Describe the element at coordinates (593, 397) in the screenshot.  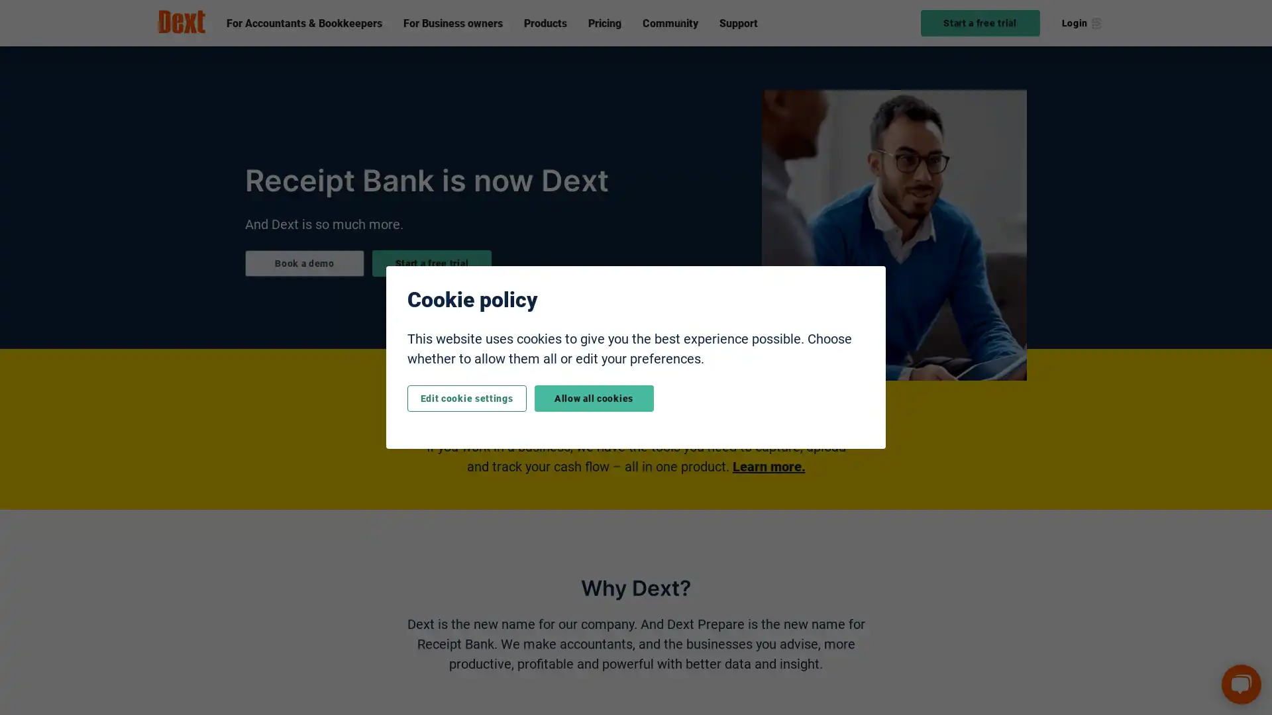
I see `Allow all cookies` at that location.